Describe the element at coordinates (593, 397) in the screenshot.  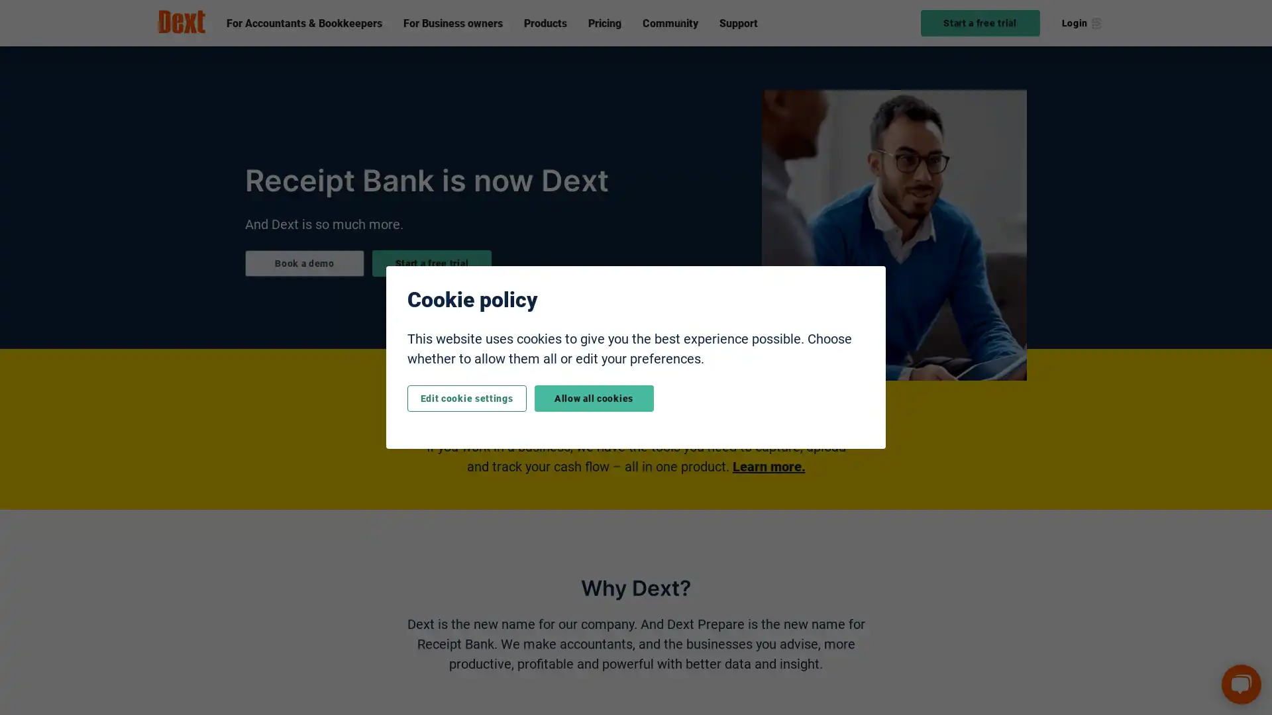
I see `Allow all cookies` at that location.